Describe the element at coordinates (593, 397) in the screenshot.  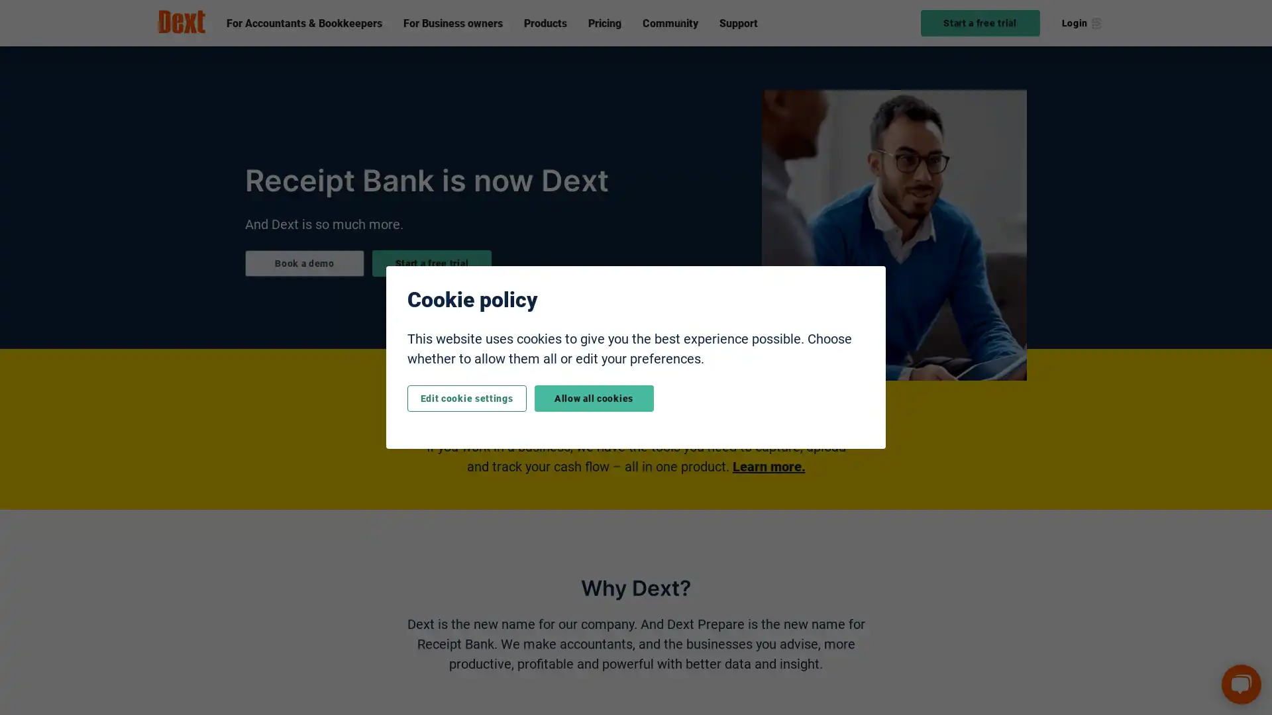
I see `Allow all cookies` at that location.